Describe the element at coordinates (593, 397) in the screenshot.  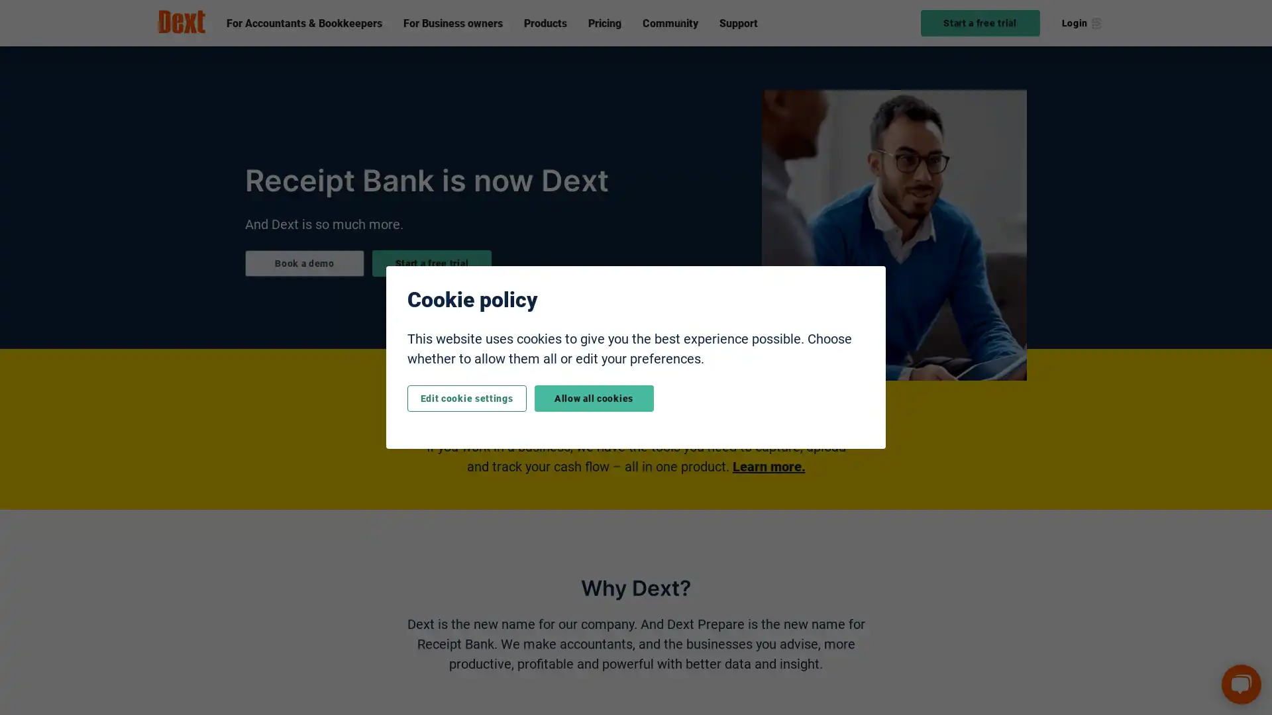
I see `Allow all cookies` at that location.